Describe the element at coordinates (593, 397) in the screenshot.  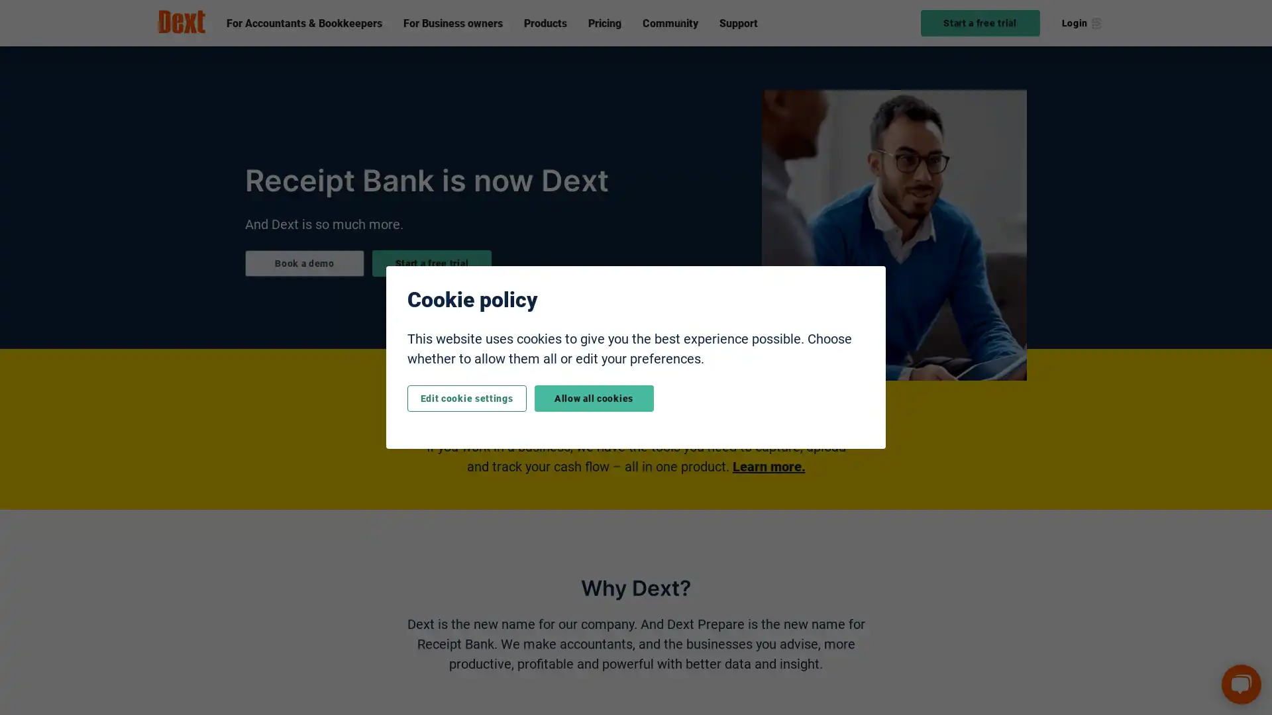
I see `Allow all cookies` at that location.